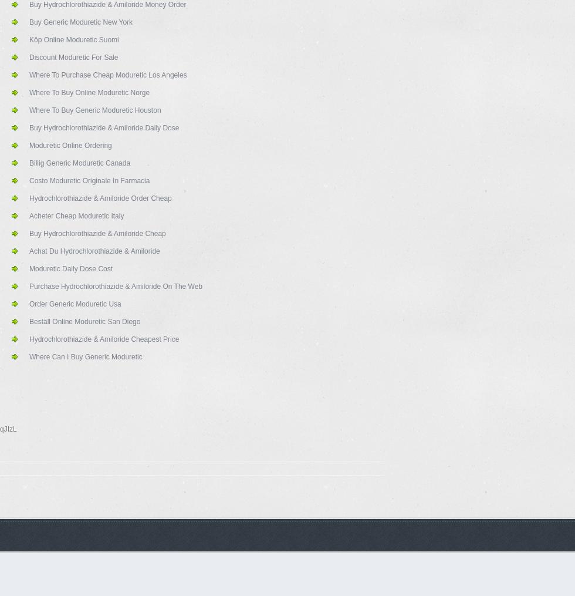 This screenshot has width=575, height=596. I want to click on 'Purchase Hydrochlorothiazide & Amiloride  On The Web', so click(116, 286).